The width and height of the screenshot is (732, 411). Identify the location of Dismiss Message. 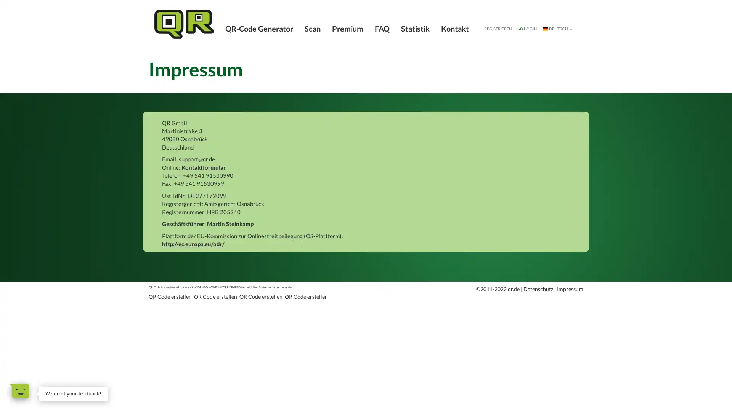
(106, 387).